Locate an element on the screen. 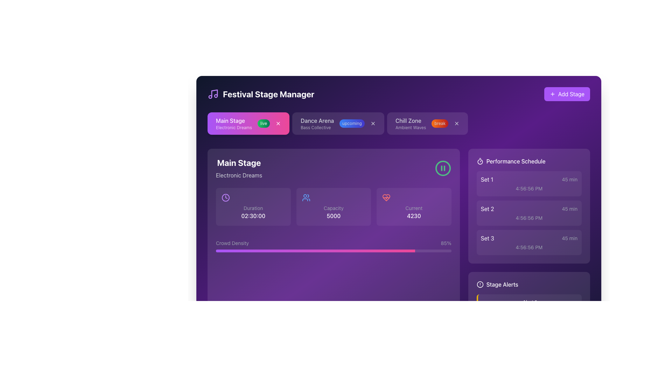  the small text label displaying '45 min' which is part of the 'Set 1' card in the 'Performance Schedule' section, located on the far right side and right-aligned to 'Set 1 4:56:56 PM' is located at coordinates (569, 179).